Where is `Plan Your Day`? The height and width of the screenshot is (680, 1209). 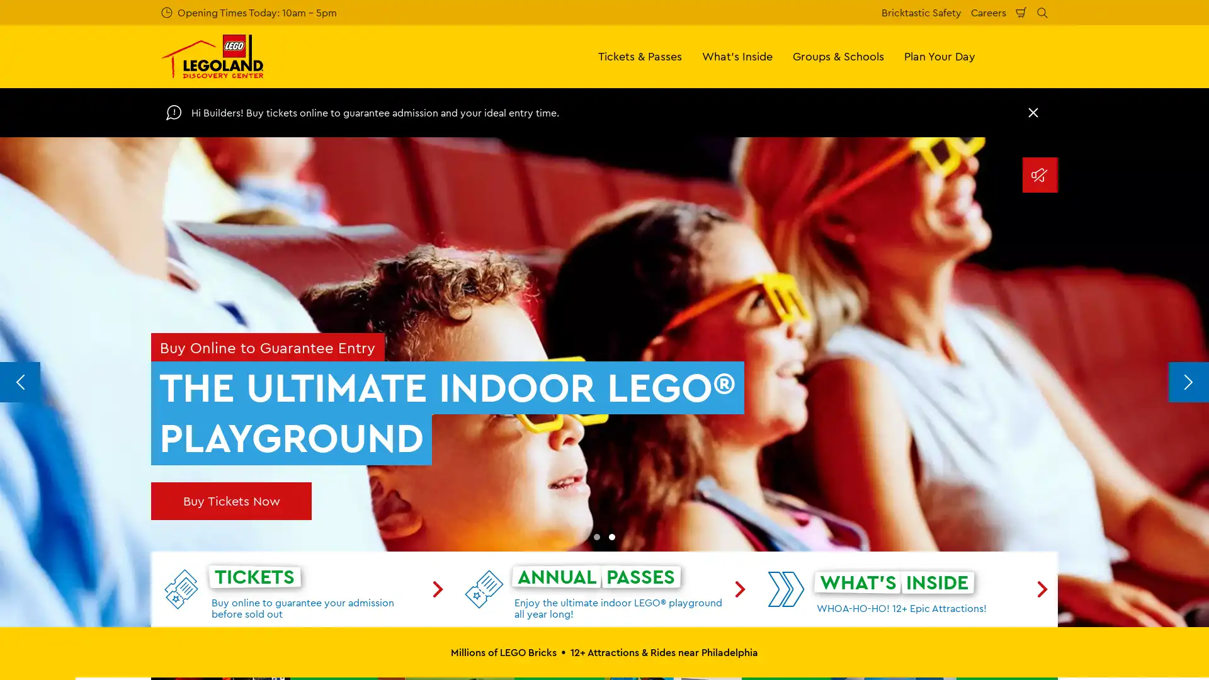 Plan Your Day is located at coordinates (939, 55).